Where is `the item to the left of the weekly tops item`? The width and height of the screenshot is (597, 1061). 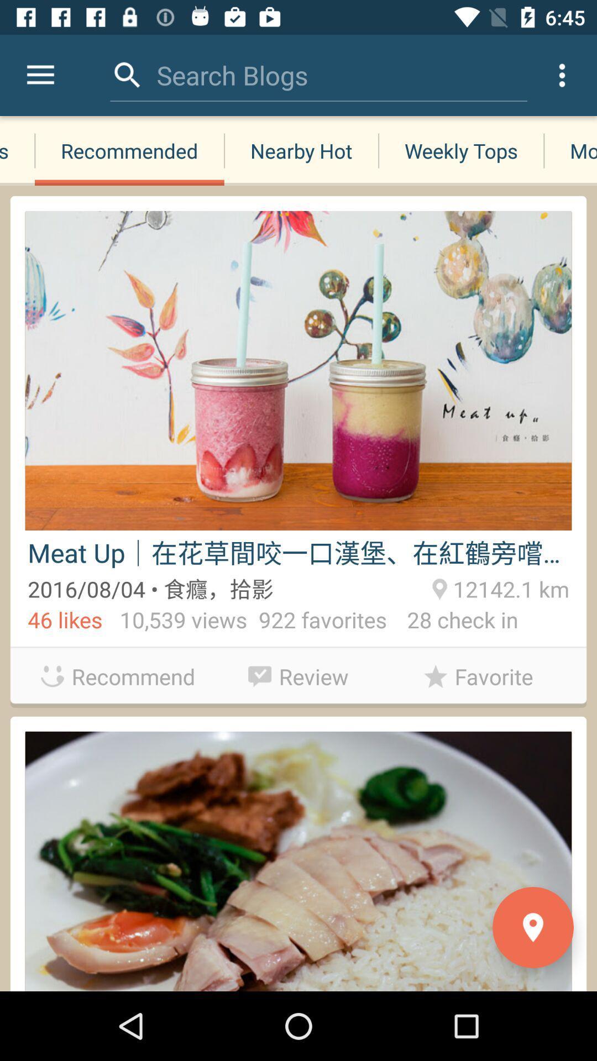 the item to the left of the weekly tops item is located at coordinates (301, 150).